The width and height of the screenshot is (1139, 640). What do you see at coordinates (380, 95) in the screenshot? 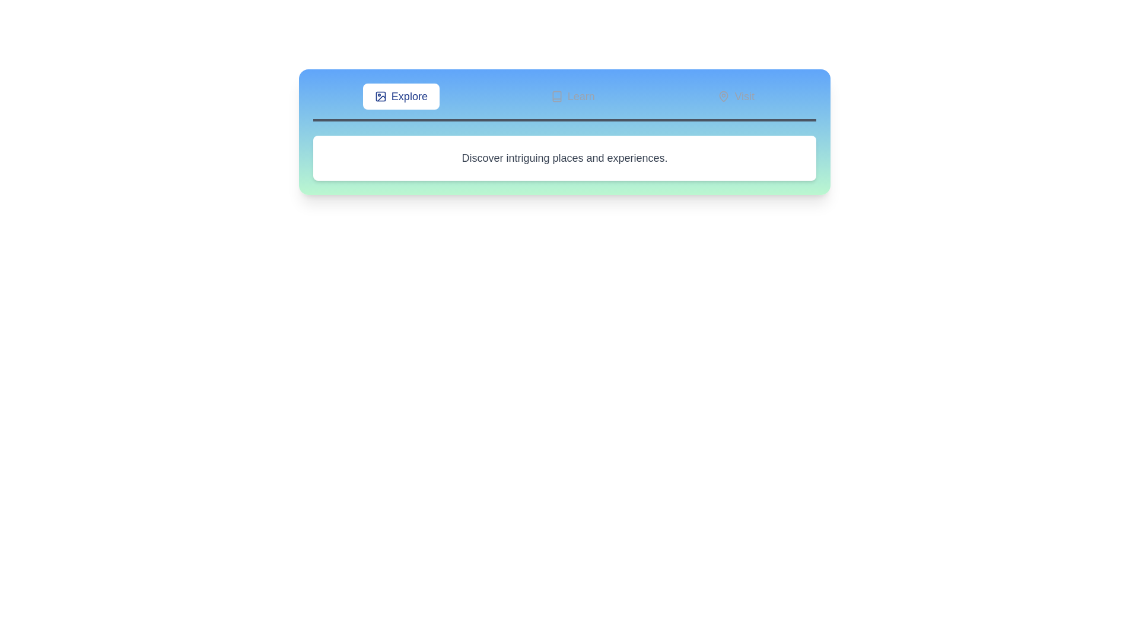
I see `the SVG Icon that visually supplements the 'Explore' text, located in the top-left of the interface within a blue gradient background header` at bounding box center [380, 95].